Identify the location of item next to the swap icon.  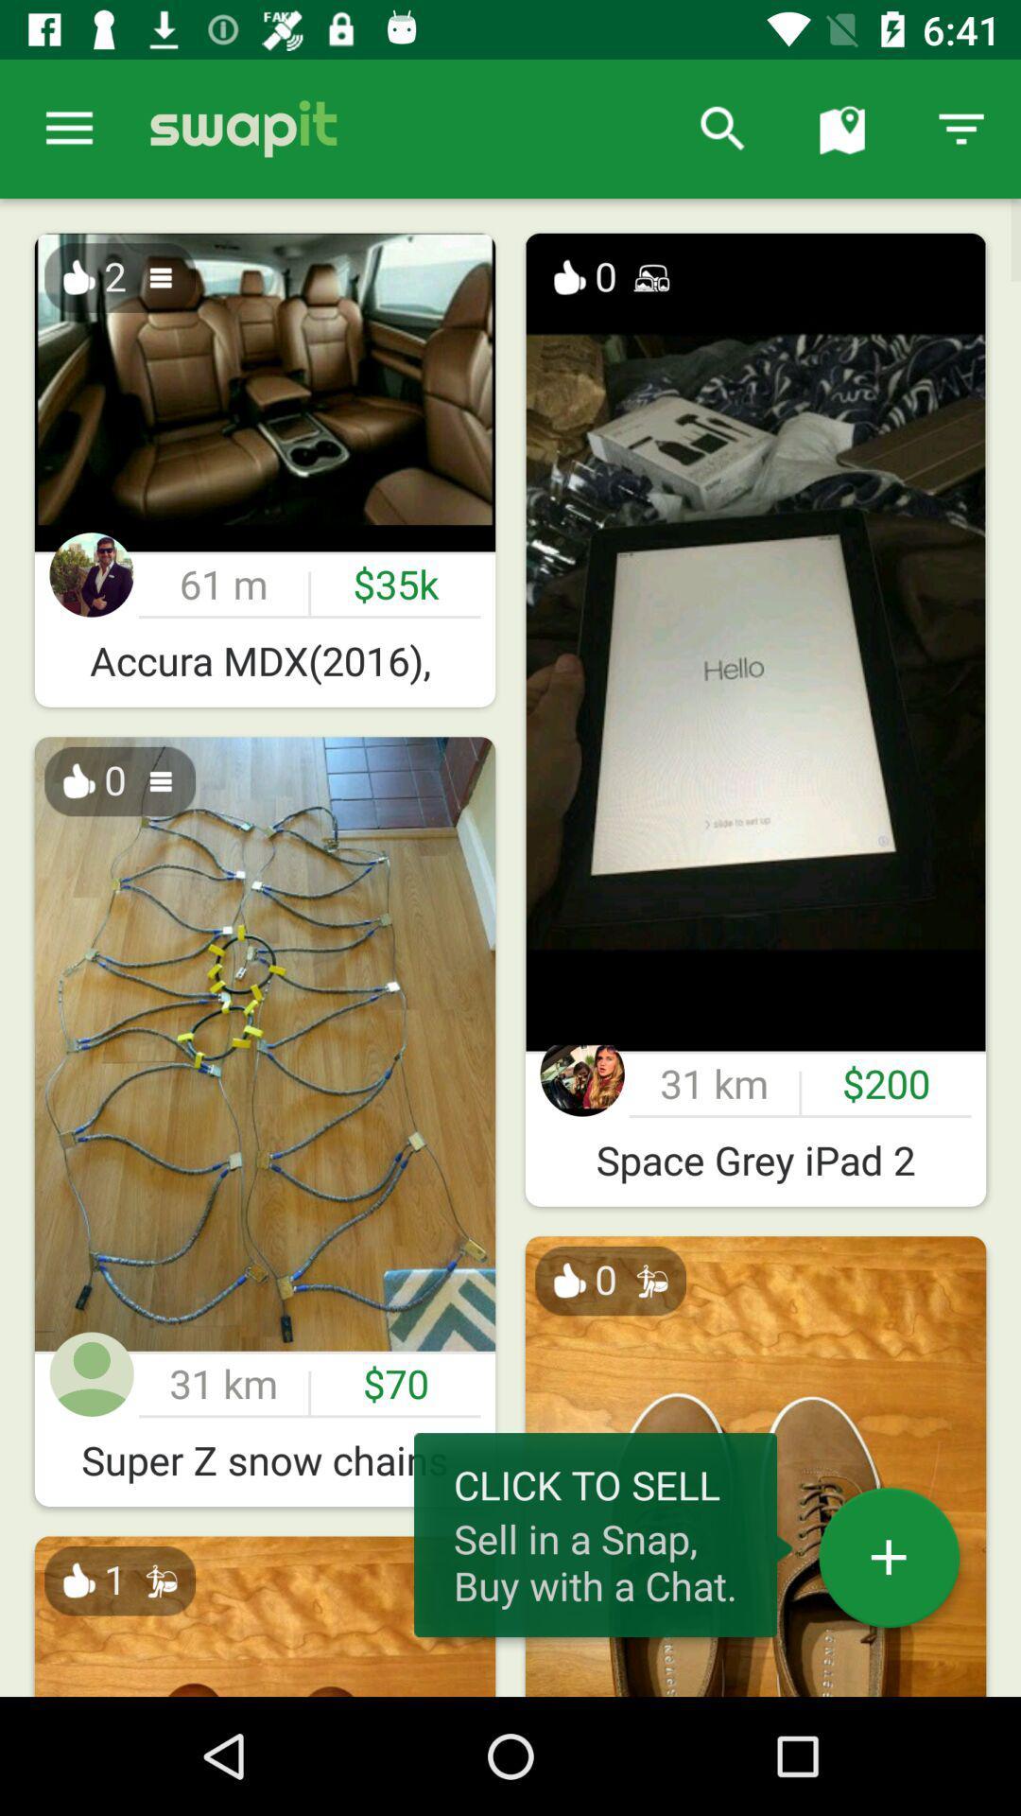
(68, 128).